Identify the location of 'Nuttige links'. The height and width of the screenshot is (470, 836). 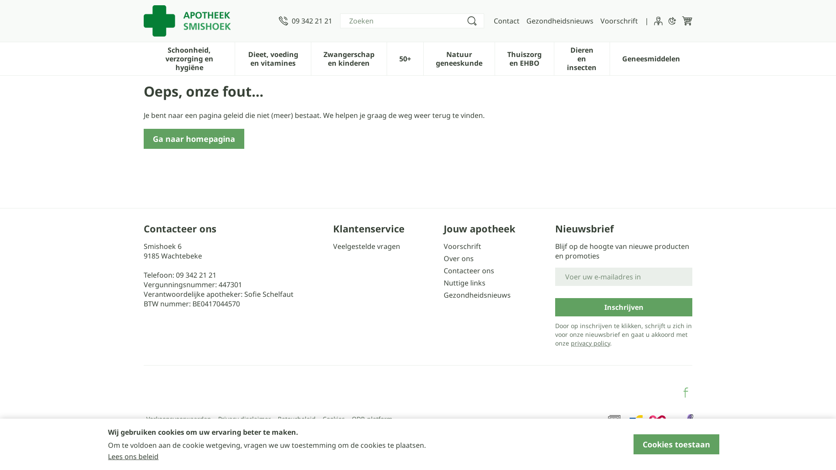
(496, 283).